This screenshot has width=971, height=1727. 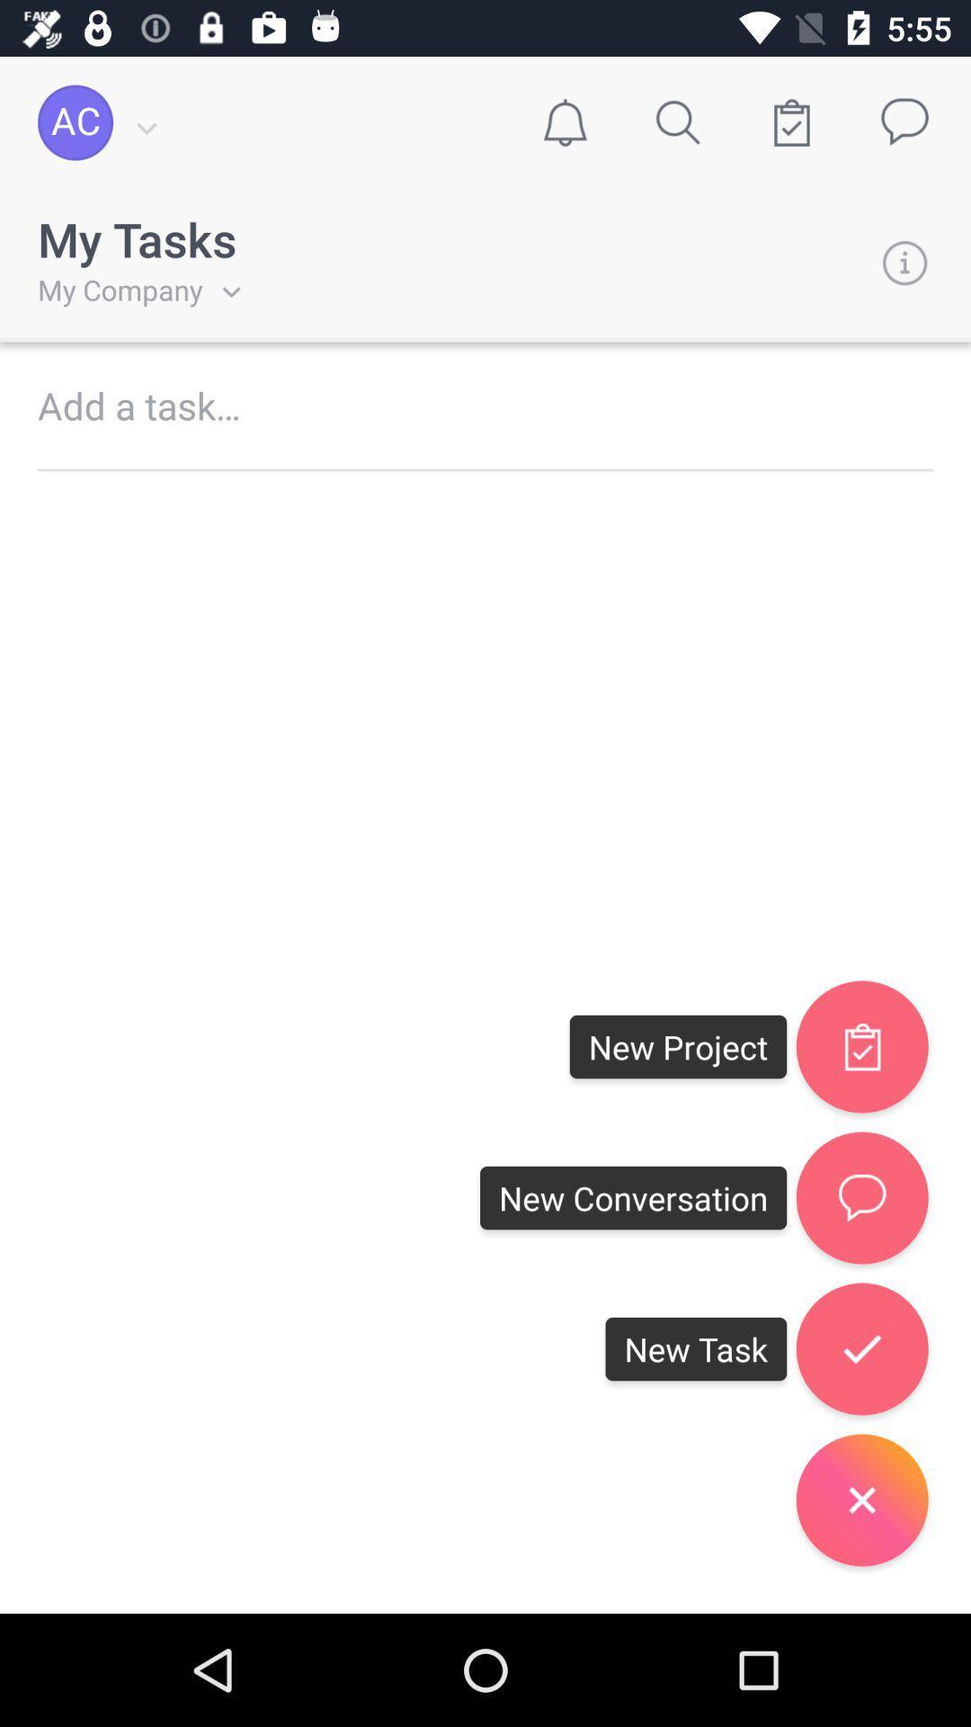 I want to click on the check icon, so click(x=861, y=1348).